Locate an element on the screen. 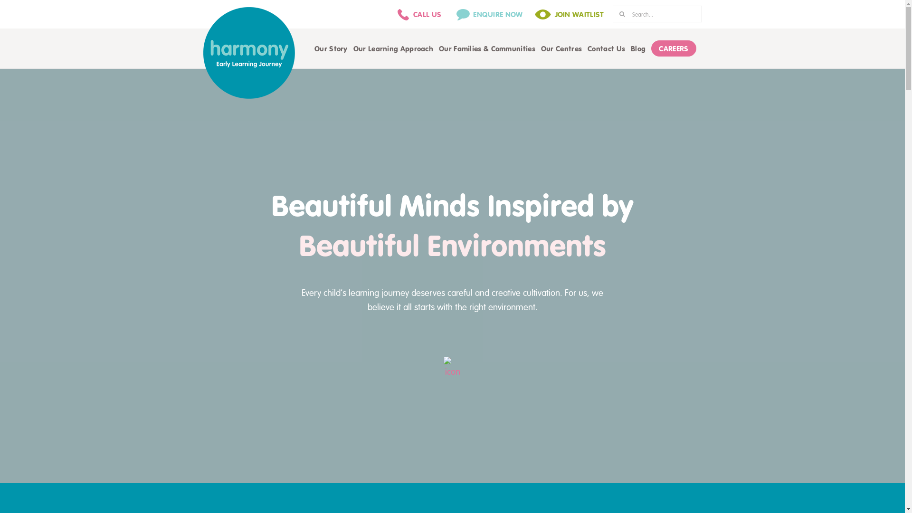  'Our Story' is located at coordinates (331, 48).